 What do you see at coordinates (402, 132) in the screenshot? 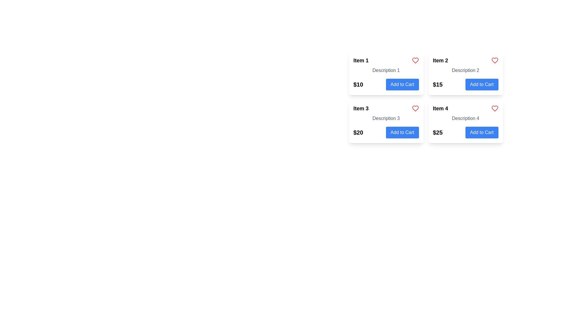
I see `the 'Add to Cart' button located at the bottom-right section of the card for Item 3` at bounding box center [402, 132].